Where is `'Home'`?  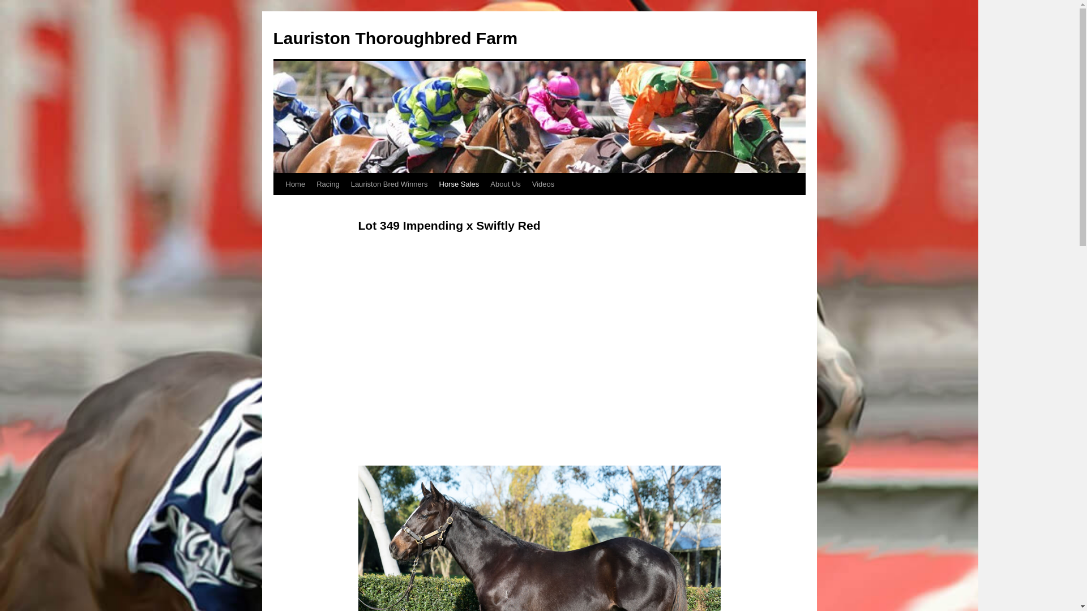
'Home' is located at coordinates (280, 184).